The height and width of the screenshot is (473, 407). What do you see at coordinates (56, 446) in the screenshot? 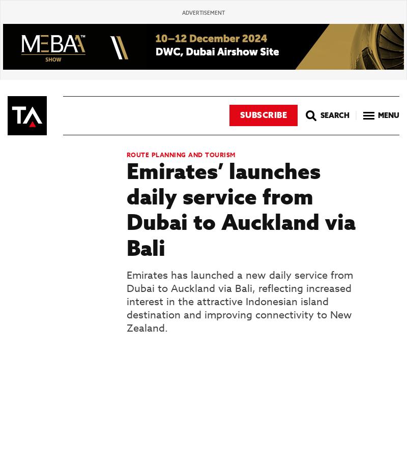
I see `'Related content'` at bounding box center [56, 446].